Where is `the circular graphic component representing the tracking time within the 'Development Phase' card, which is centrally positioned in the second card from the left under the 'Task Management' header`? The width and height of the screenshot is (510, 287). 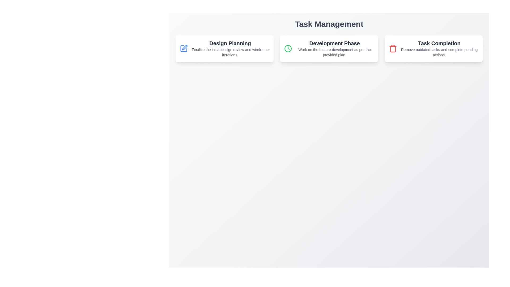 the circular graphic component representing the tracking time within the 'Development Phase' card, which is centrally positioned in the second card from the left under the 'Task Management' header is located at coordinates (288, 48).